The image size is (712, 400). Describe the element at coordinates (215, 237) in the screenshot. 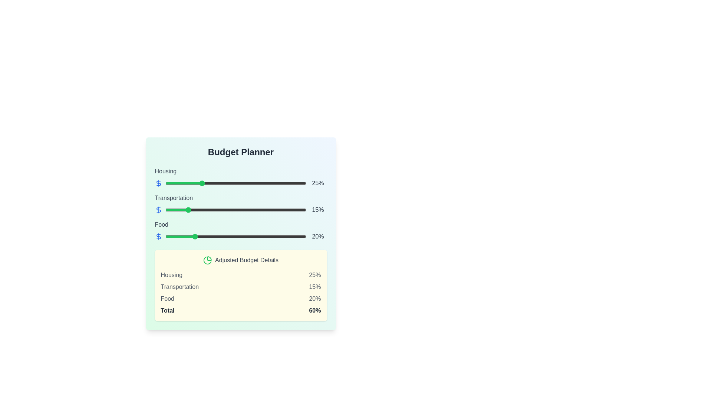

I see `the food budget slider` at that location.